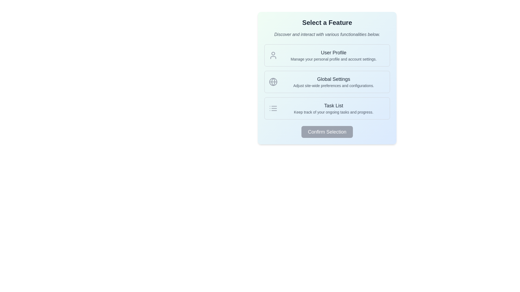  I want to click on the 'User Profile' text block which contains the title and subtitle, so click(333, 55).